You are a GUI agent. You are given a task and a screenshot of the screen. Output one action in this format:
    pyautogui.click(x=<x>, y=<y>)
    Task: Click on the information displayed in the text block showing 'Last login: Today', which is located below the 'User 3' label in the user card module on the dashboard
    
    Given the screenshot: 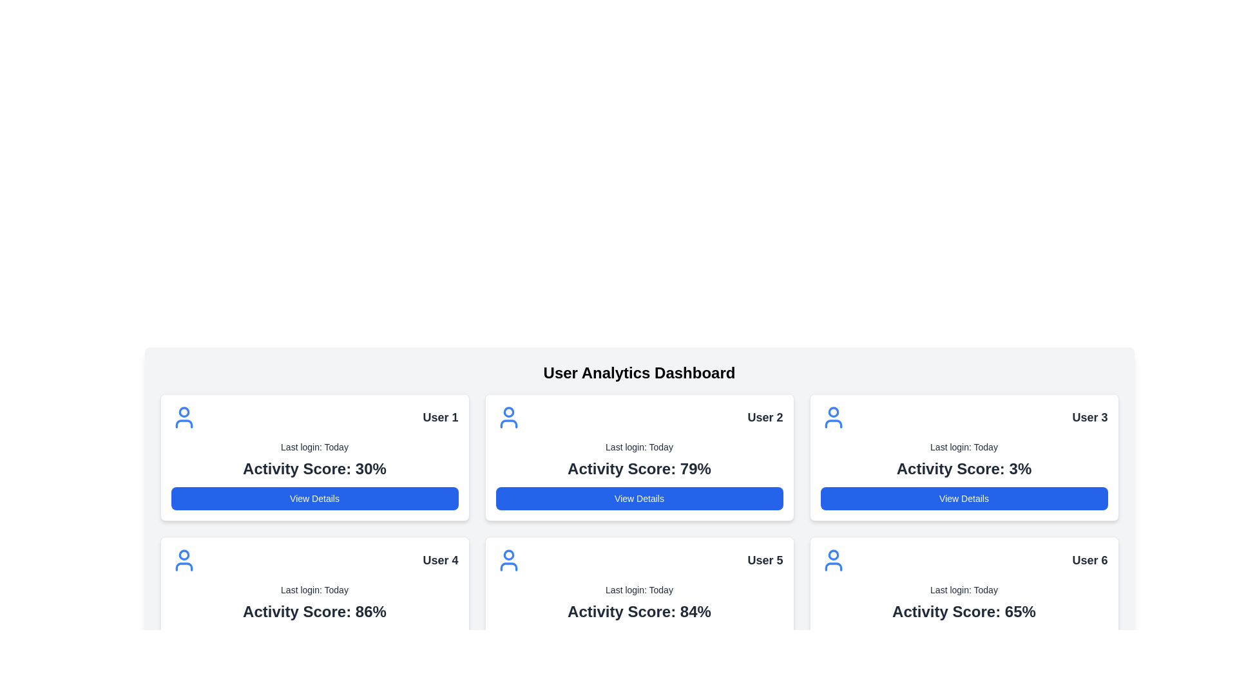 What is the action you would take?
    pyautogui.click(x=964, y=446)
    